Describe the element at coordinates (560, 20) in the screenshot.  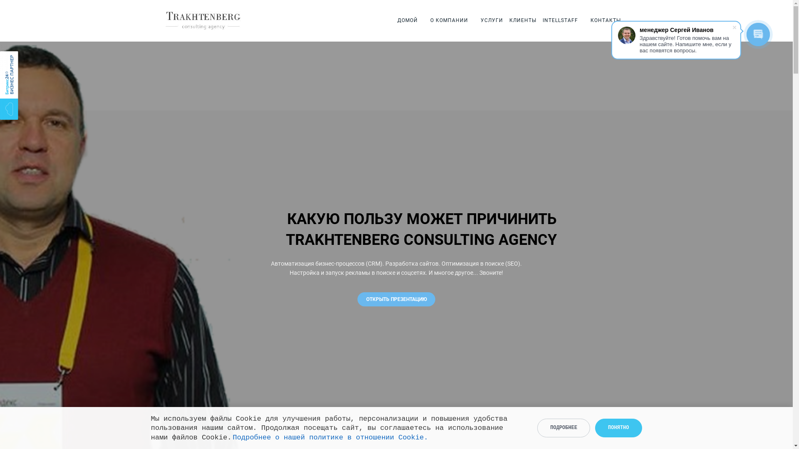
I see `'INTELLSTAFF'` at that location.